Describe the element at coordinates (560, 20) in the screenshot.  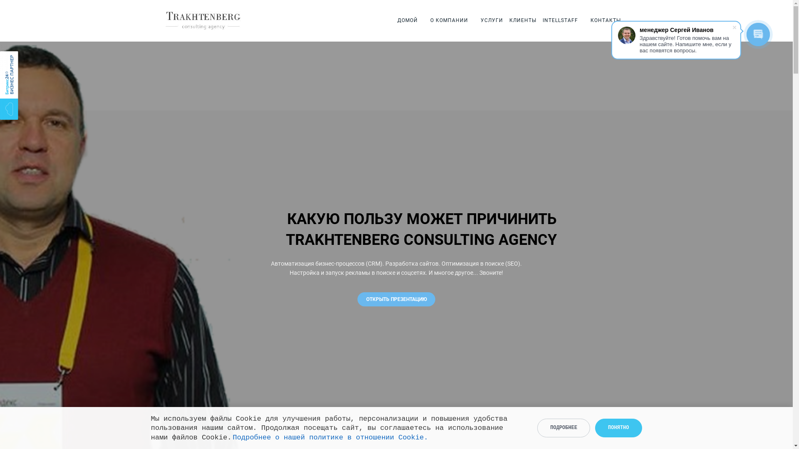
I see `'INTELLSTAFF'` at that location.